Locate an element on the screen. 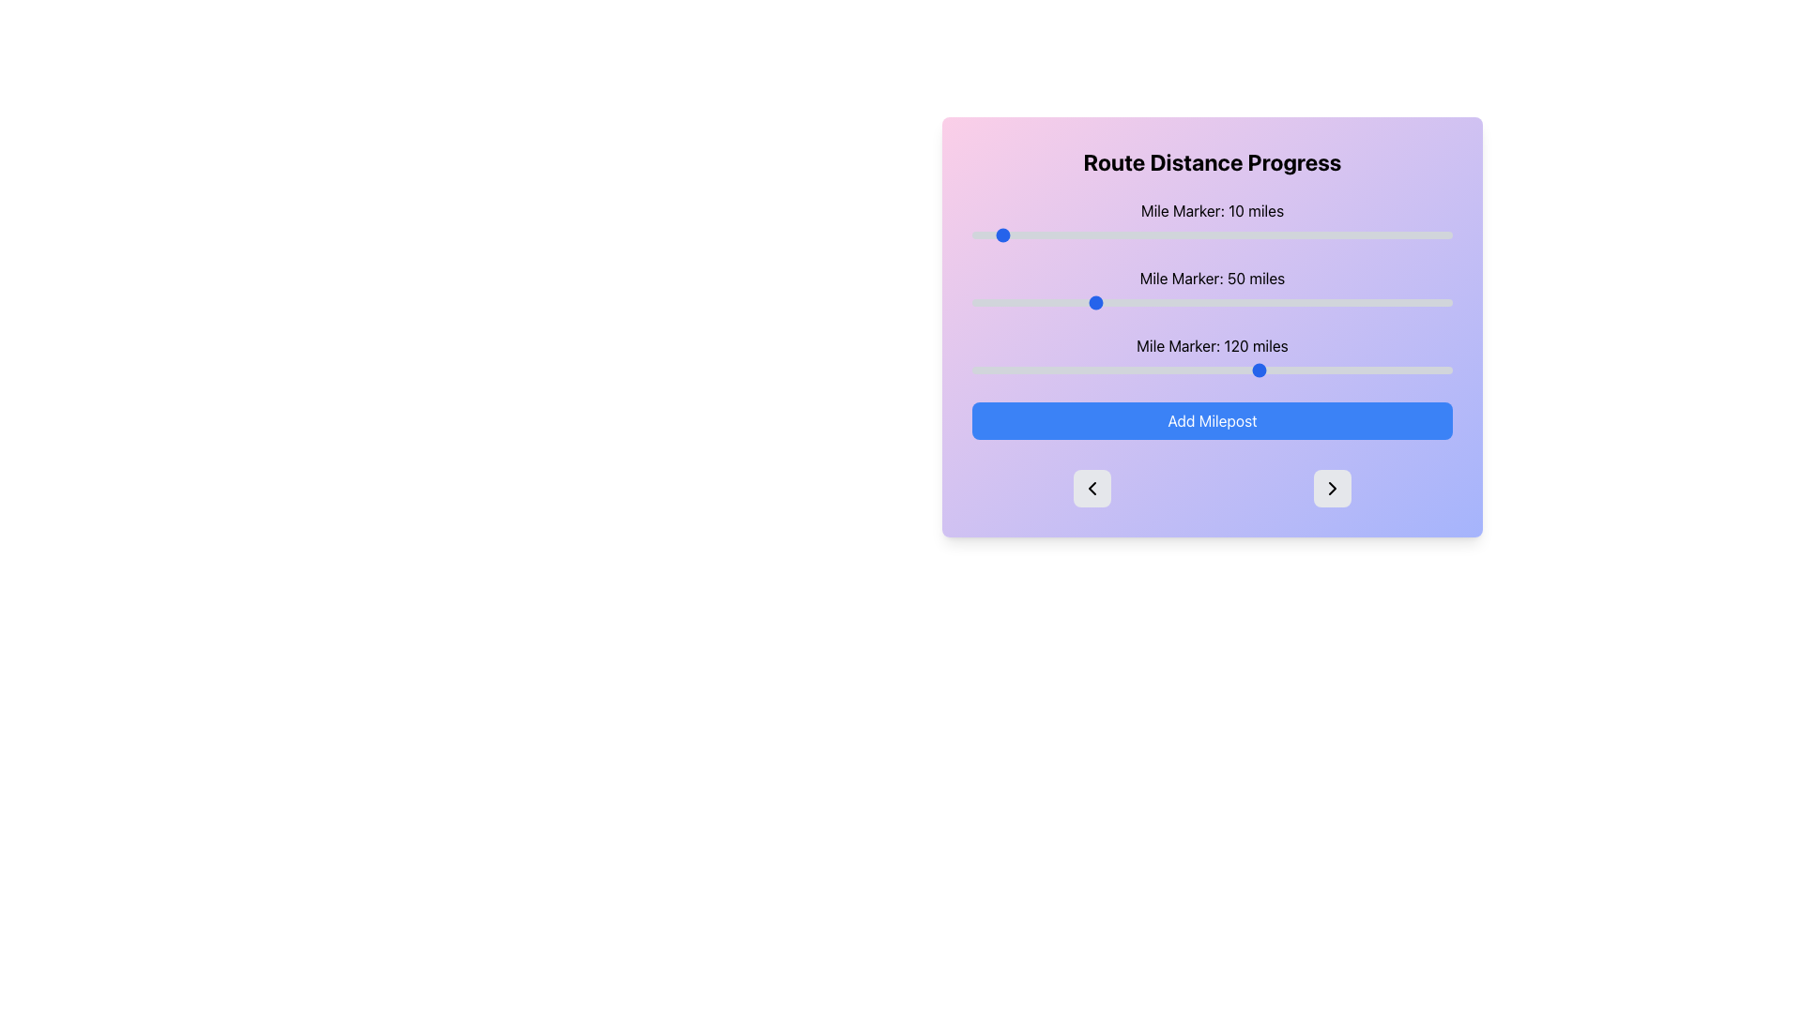 The image size is (1802, 1013). the slider is located at coordinates (974, 302).